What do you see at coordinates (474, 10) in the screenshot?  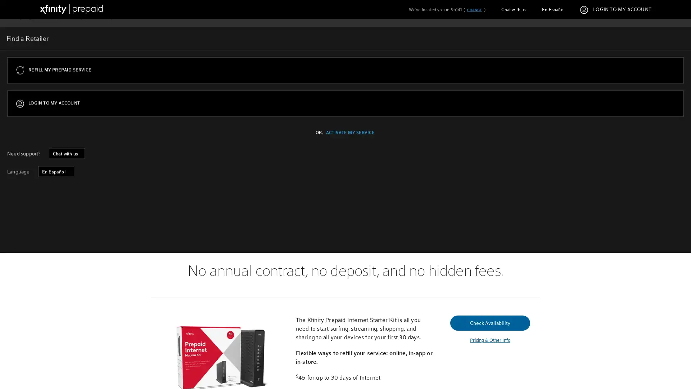 I see `CHANGE` at bounding box center [474, 10].